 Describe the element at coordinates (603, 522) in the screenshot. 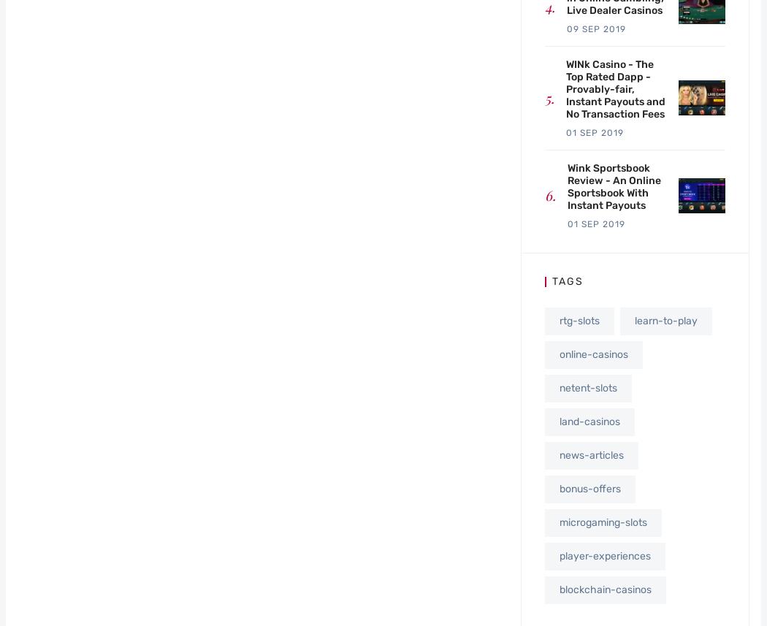

I see `'microgaming-slots'` at that location.